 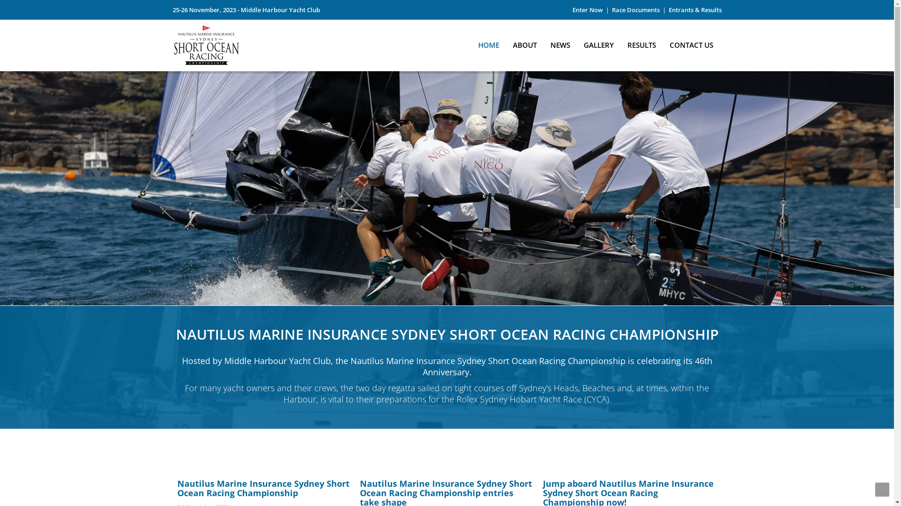 What do you see at coordinates (473, 42) in the screenshot?
I see `'HOME'` at bounding box center [473, 42].